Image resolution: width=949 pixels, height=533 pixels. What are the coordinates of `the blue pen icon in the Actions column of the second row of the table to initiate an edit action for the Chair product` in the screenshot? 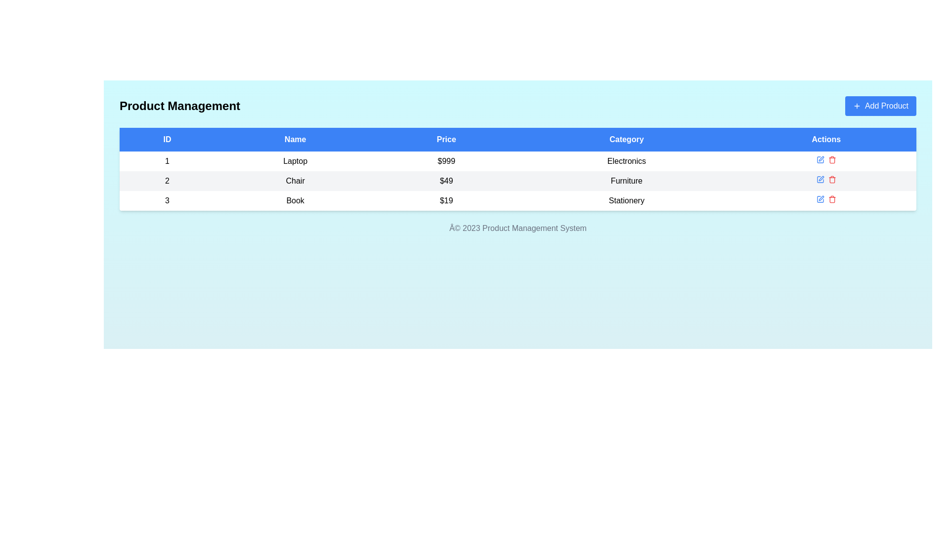 It's located at (820, 179).